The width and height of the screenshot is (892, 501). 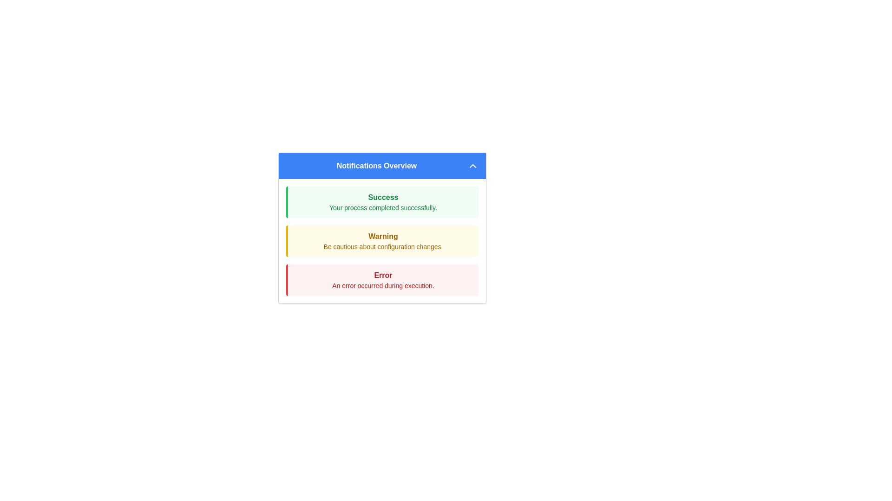 I want to click on the static text element that serves as a warning category title within the notification box, which has a yellow border and background, so click(x=383, y=236).